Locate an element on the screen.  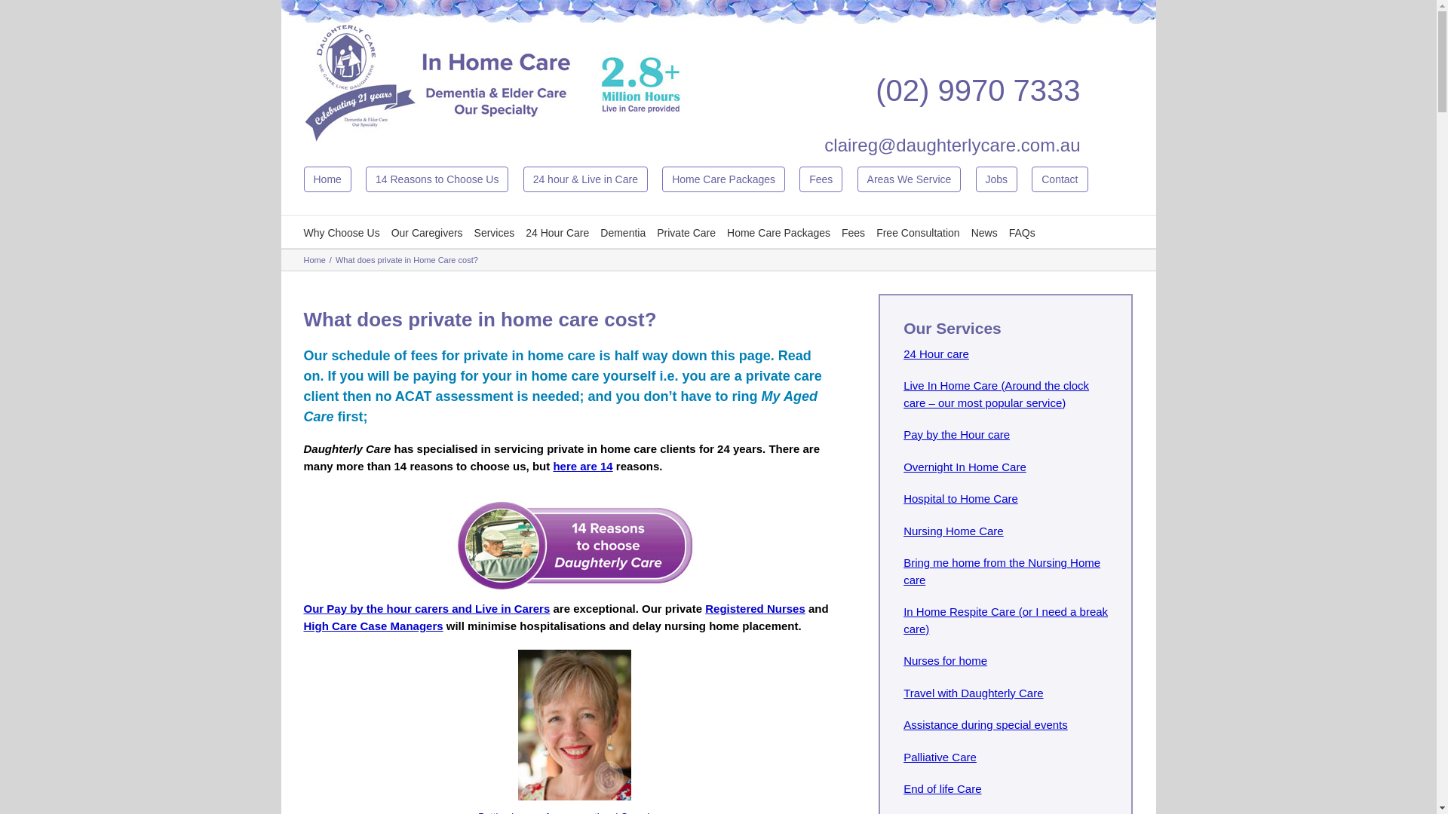
'Hospital to Home Care' is located at coordinates (959, 498).